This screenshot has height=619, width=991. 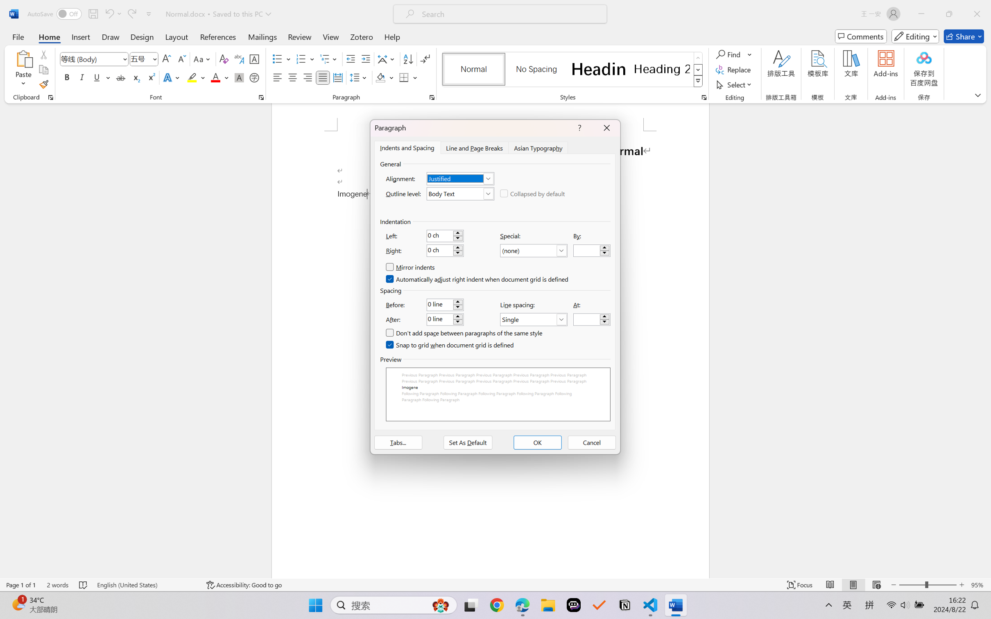 I want to click on 'Replace...', so click(x=733, y=70).